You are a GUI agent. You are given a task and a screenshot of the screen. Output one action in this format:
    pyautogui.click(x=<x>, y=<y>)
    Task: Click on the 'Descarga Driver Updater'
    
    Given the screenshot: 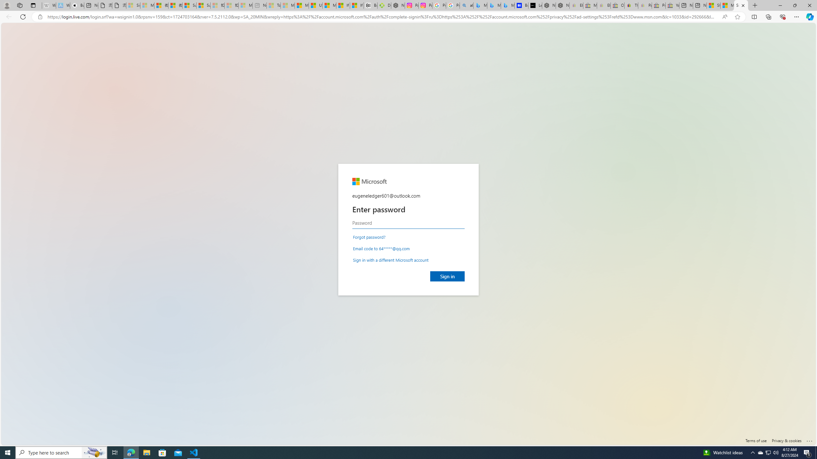 What is the action you would take?
    pyautogui.click(x=384, y=5)
    